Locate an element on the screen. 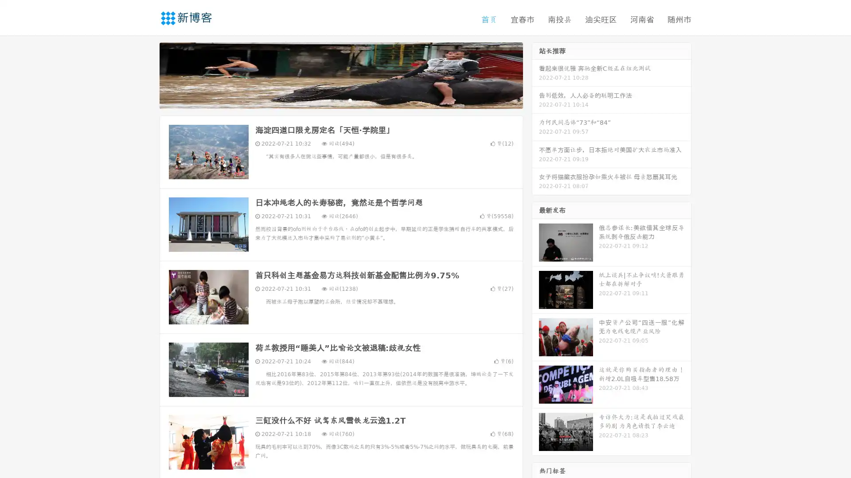 This screenshot has width=851, height=478. Go to slide 2 is located at coordinates (340, 100).